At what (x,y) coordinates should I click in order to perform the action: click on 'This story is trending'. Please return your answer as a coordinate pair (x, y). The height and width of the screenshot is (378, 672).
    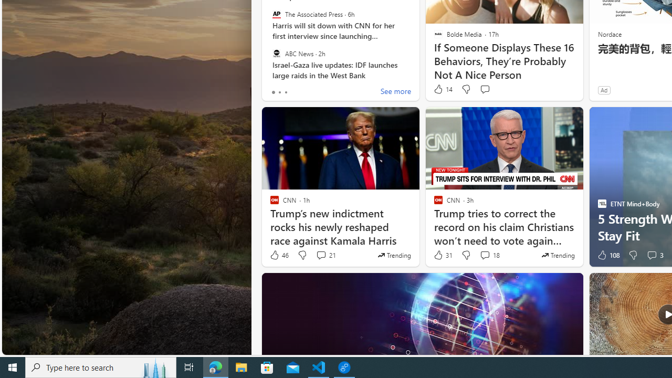
    Looking at the image, I should click on (558, 255).